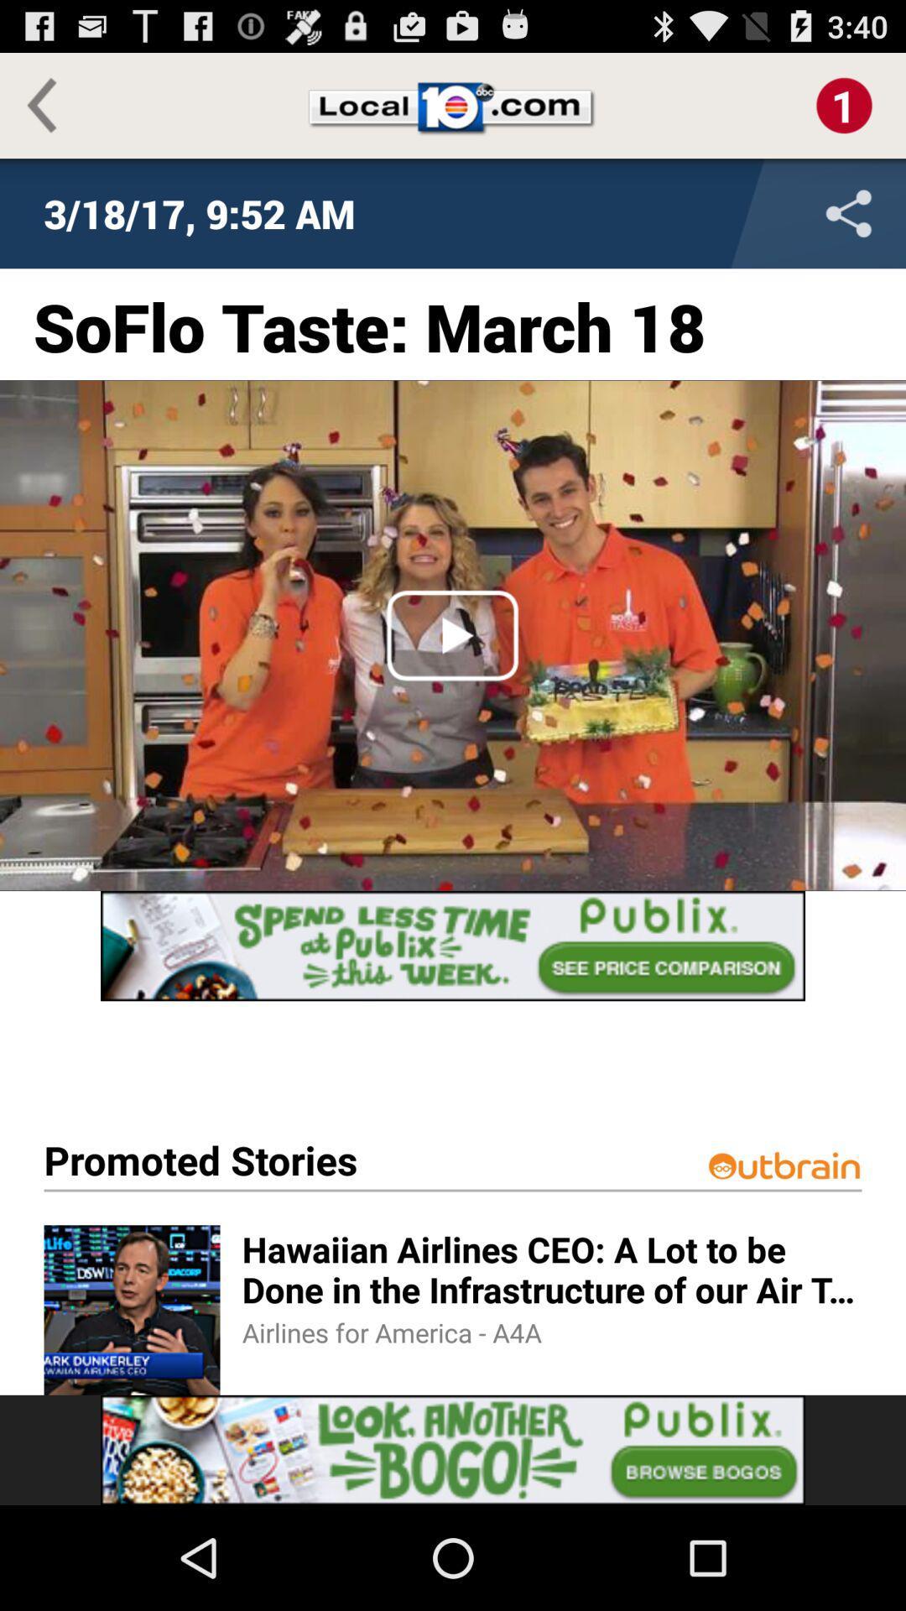 This screenshot has width=906, height=1611. Describe the element at coordinates (453, 634) in the screenshot. I see `watch video` at that location.